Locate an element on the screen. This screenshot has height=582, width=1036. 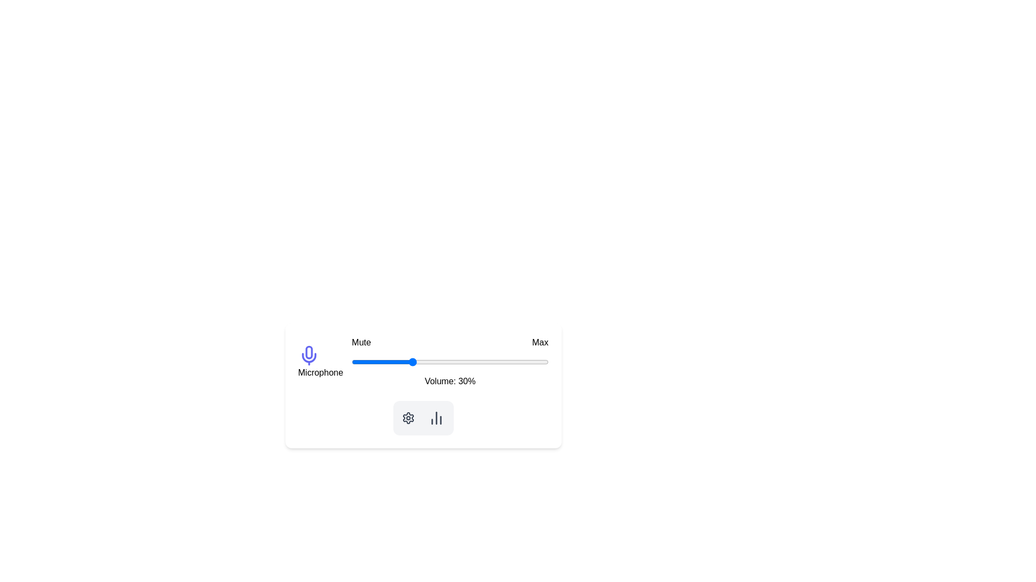
the volume slider to set the volume to 83% is located at coordinates (514, 362).